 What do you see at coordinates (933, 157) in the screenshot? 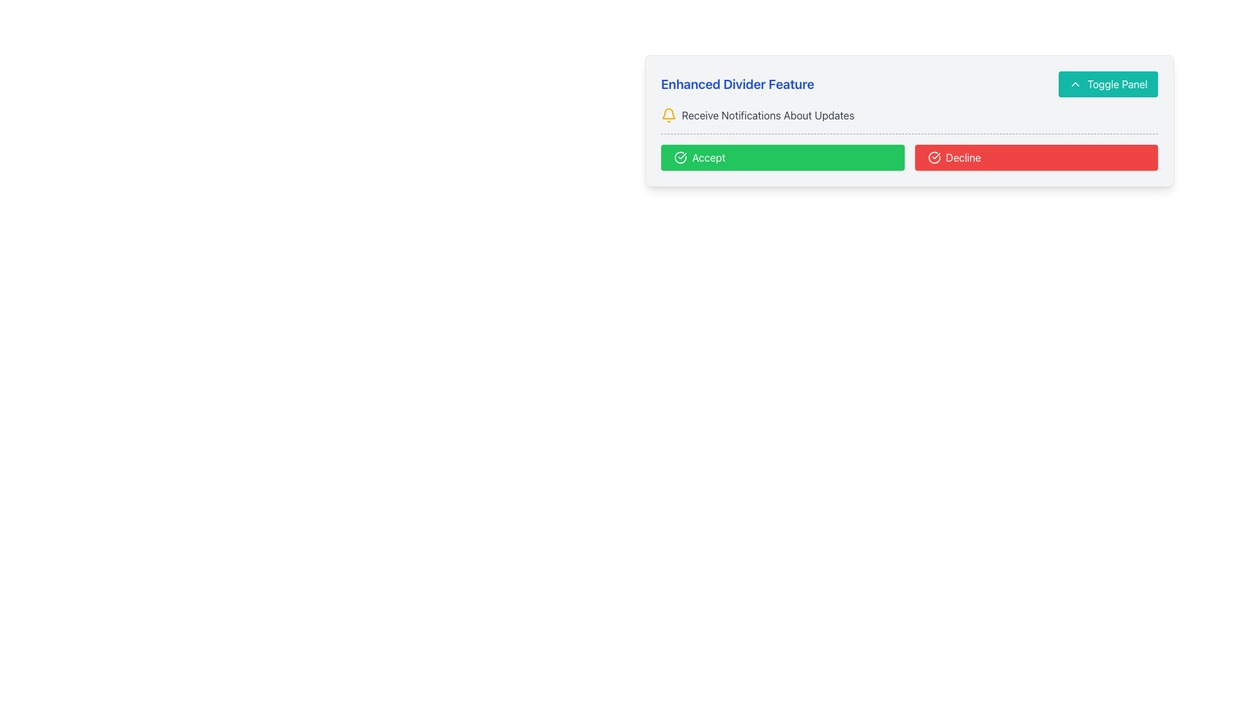
I see `the icon located on the left side of the 'Decline' button, which visually represents the action to be performed when clicking the button` at bounding box center [933, 157].